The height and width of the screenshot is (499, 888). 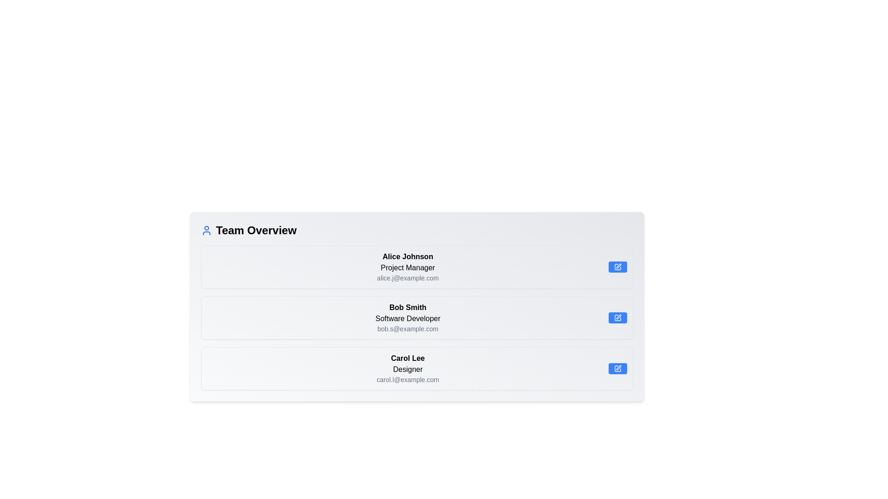 I want to click on the edit icon button located to the far right of Alice Johnson's profile, so click(x=618, y=266).